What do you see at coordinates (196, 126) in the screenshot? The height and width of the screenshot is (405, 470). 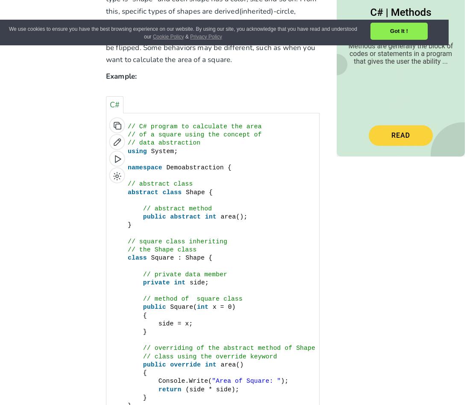 I see `'// C# program to calculate the area'` at bounding box center [196, 126].